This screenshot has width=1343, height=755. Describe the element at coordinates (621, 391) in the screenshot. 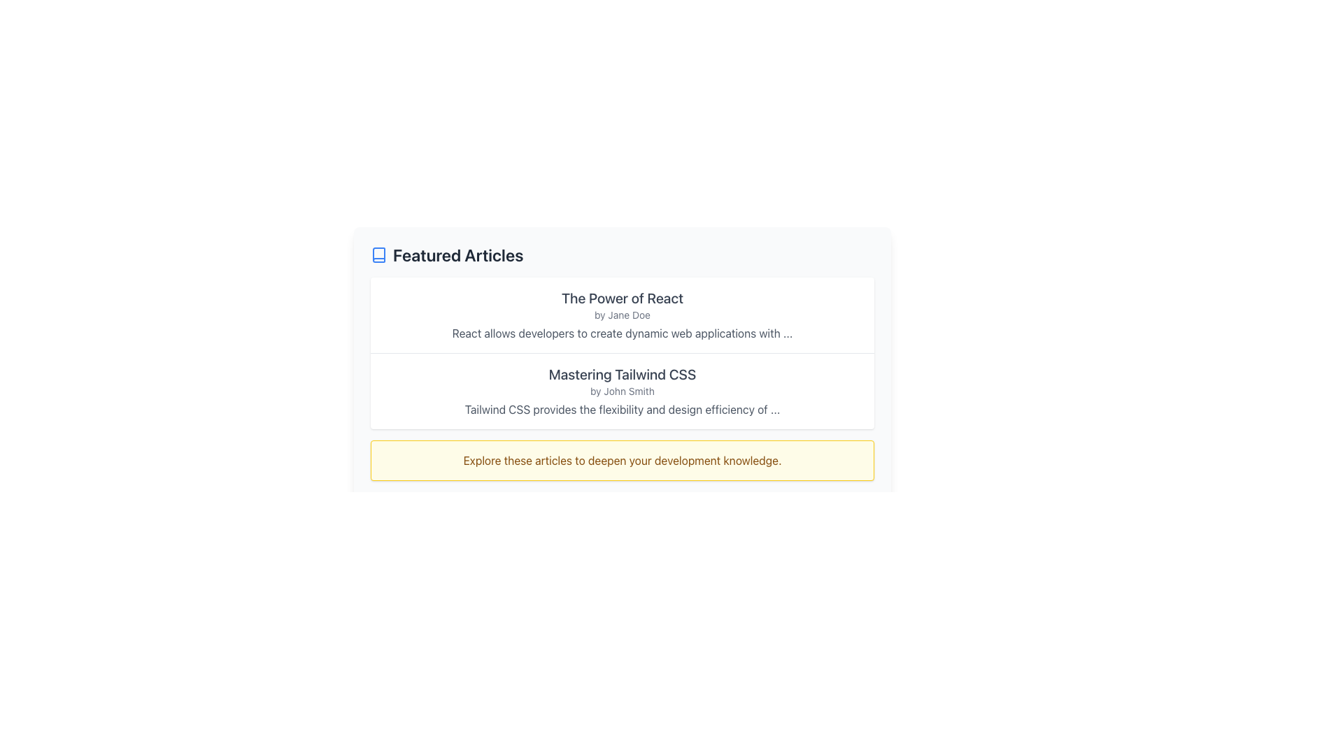

I see `the static text label indicating authorship information for 'Mastering Tailwind CSS' authored by 'John Smith', located in the middle-right section of the layout` at that location.